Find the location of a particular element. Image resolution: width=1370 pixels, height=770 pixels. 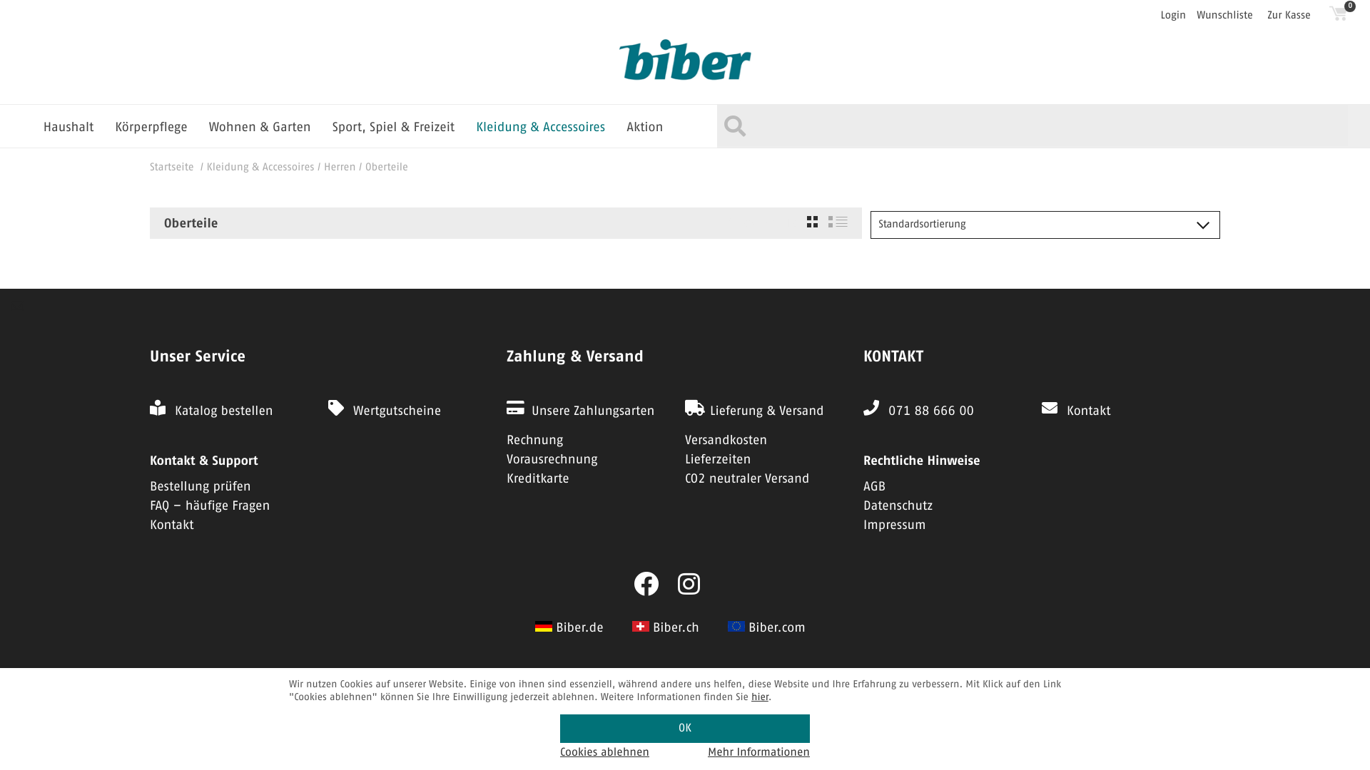

'Biber Verssand auf Instagram' is located at coordinates (689, 586).